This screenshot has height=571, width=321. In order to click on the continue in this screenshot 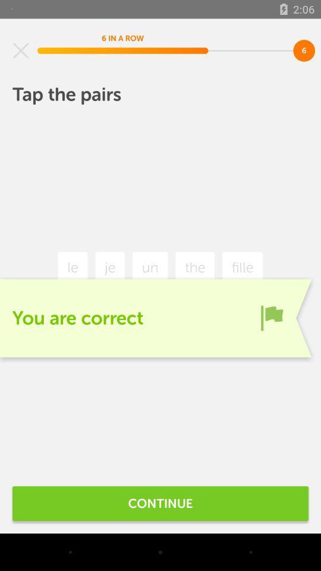, I will do `click(160, 503)`.